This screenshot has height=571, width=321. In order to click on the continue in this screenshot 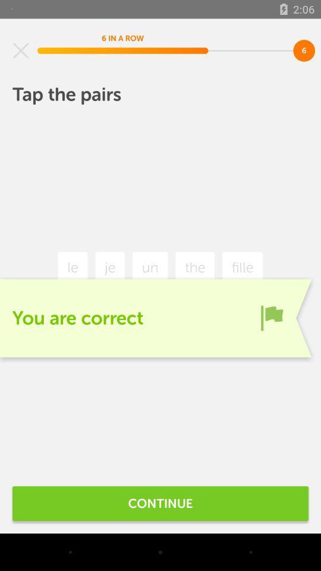, I will do `click(160, 503)`.